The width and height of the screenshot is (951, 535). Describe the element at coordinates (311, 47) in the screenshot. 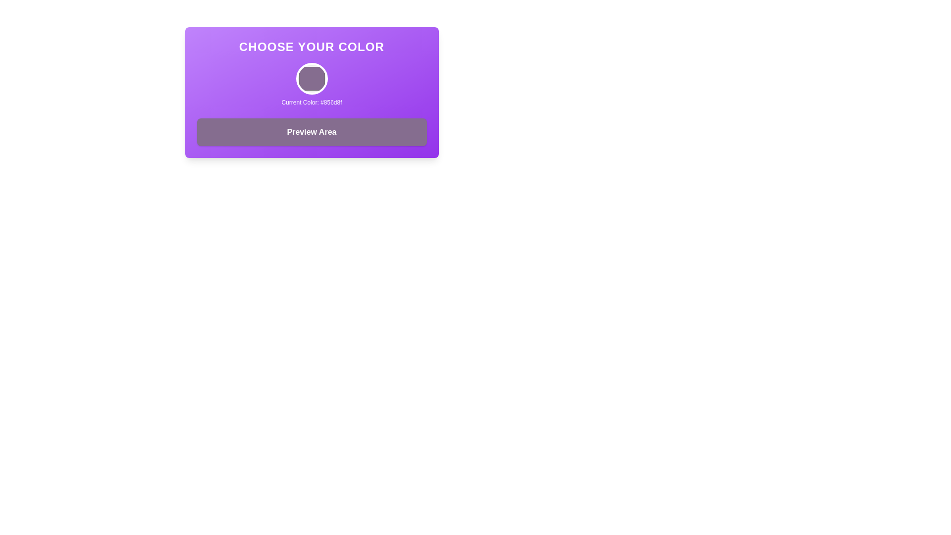

I see `the bold, uppercase static text reading 'Choose Your Color' which is styled in white against a purple gradient background` at that location.